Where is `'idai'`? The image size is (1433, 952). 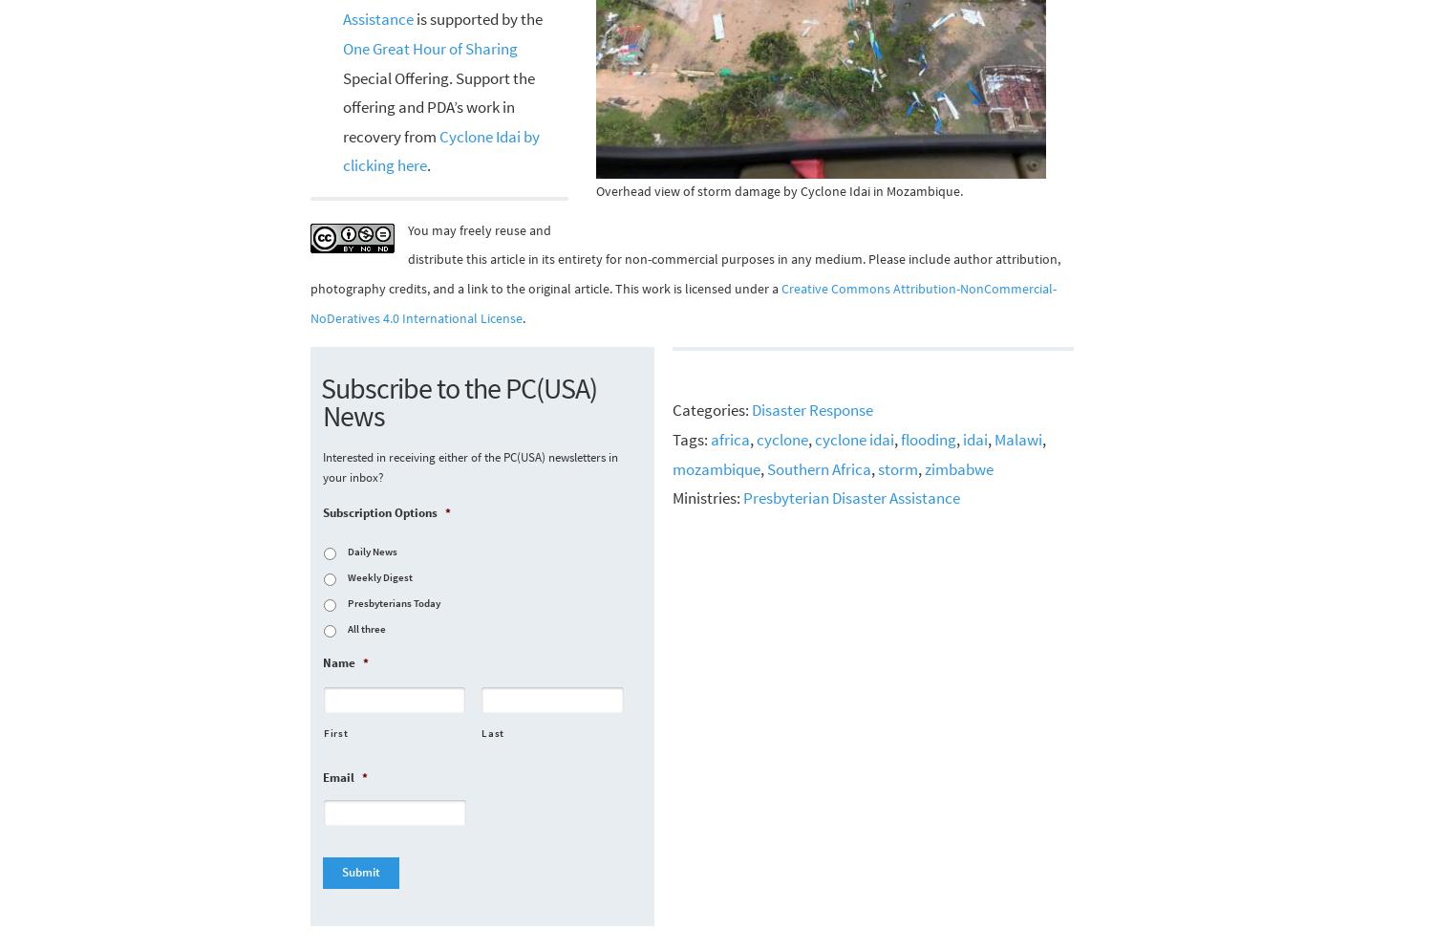 'idai' is located at coordinates (974, 438).